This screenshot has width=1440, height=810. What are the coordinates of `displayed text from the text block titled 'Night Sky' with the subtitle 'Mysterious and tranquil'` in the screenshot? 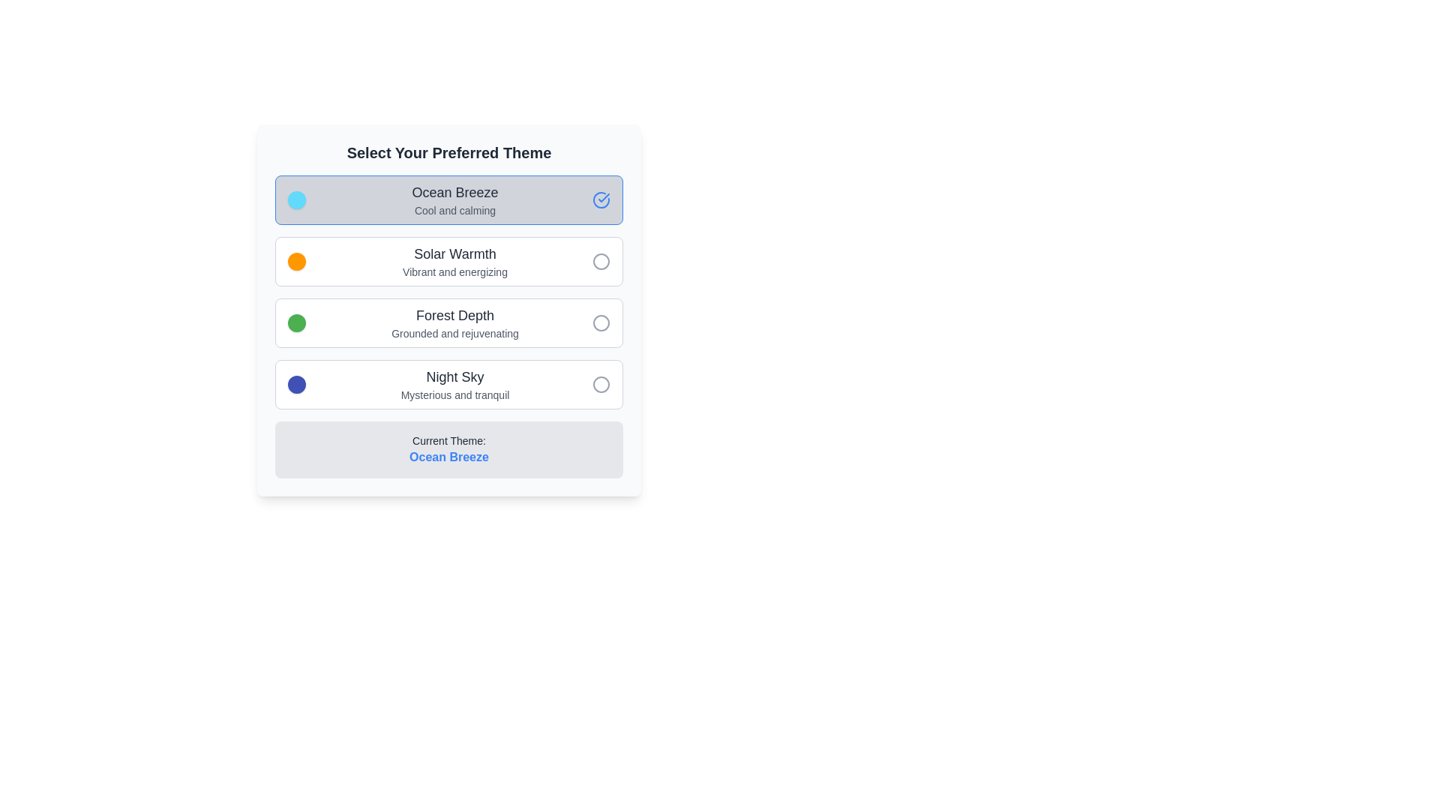 It's located at (454, 384).